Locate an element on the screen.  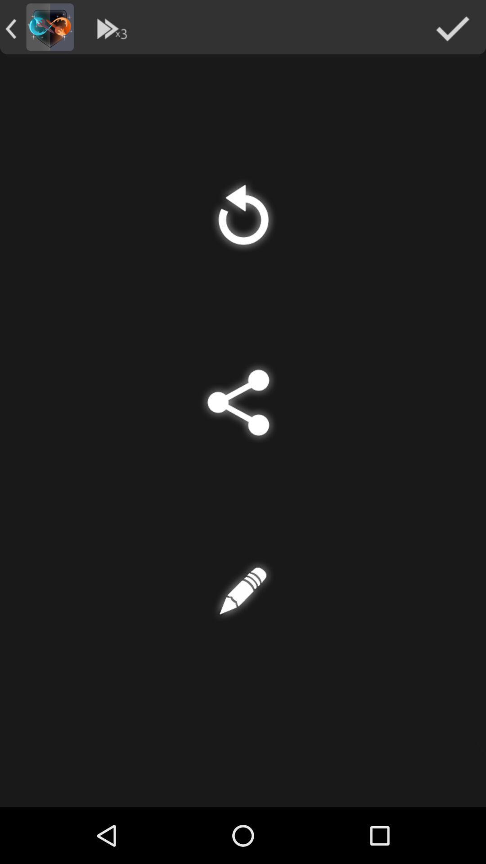
the edit icon is located at coordinates (243, 633).